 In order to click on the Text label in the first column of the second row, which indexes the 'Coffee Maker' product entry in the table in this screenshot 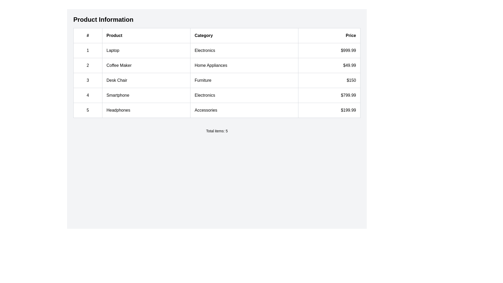, I will do `click(88, 65)`.